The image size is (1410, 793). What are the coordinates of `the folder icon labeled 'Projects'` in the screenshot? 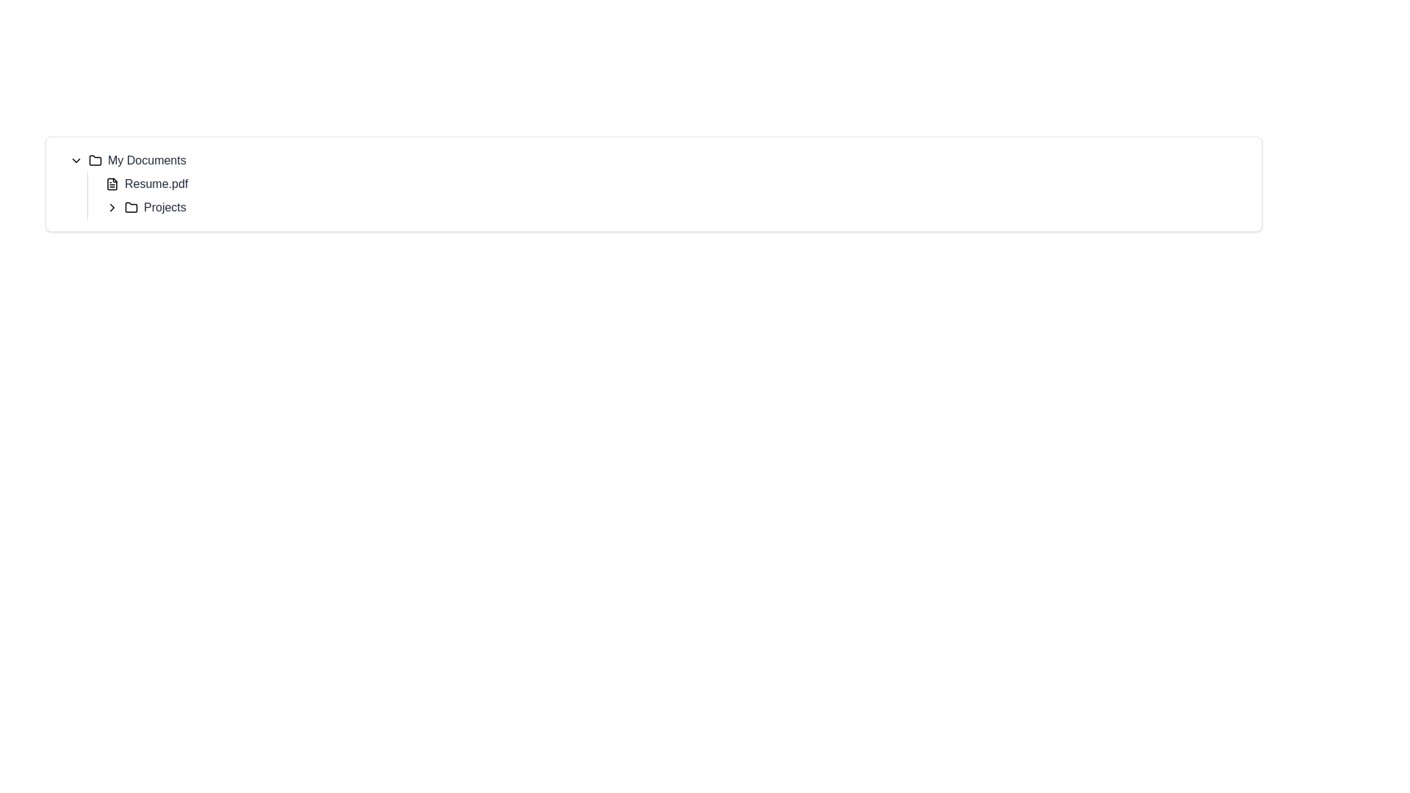 It's located at (131, 206).